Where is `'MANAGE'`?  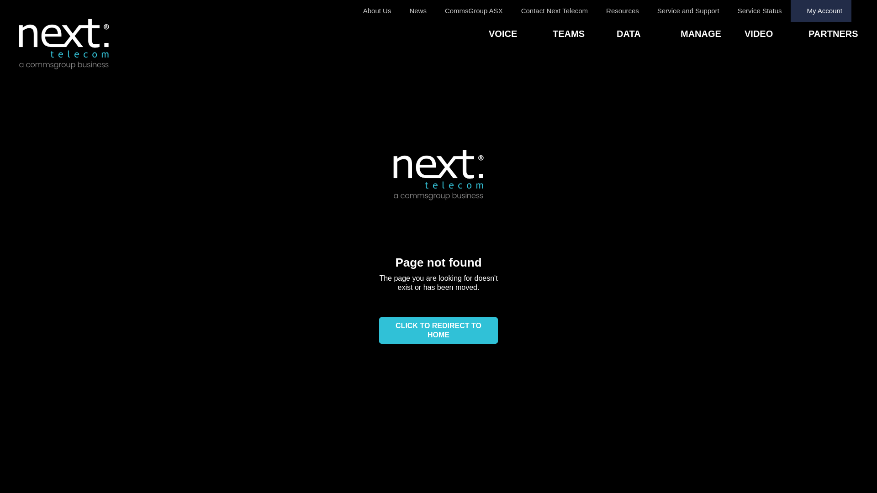 'MANAGE' is located at coordinates (680, 34).